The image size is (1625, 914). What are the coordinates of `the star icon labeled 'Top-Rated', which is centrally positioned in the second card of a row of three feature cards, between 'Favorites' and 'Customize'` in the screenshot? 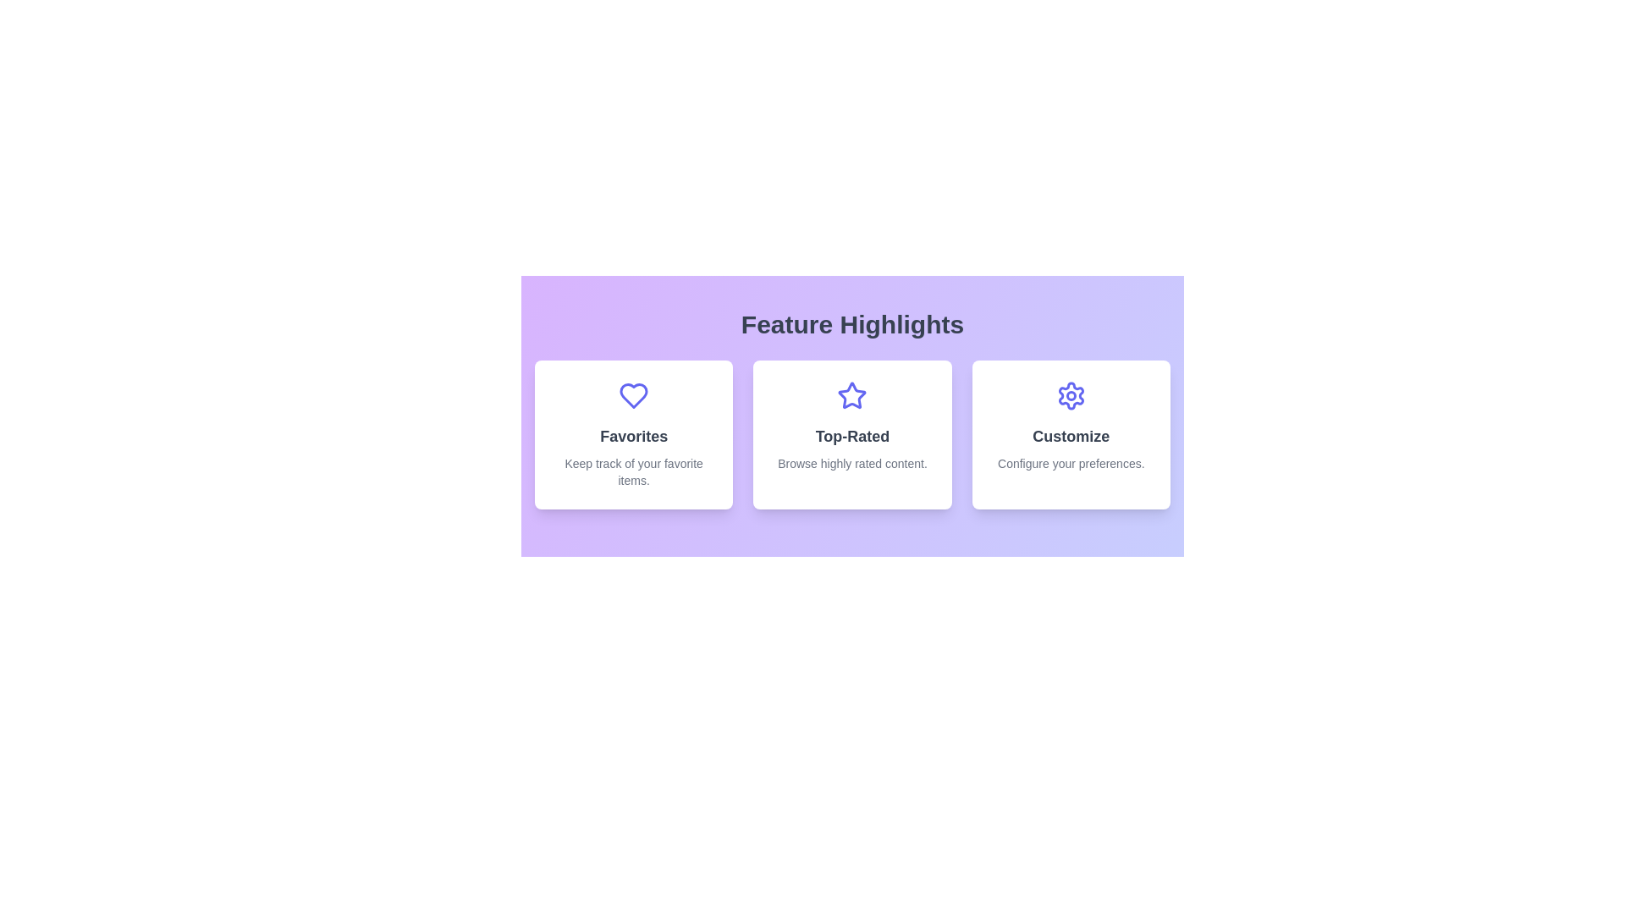 It's located at (852, 395).